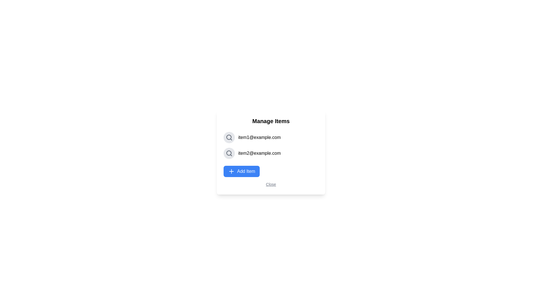  I want to click on search icon next to the first item, so click(229, 137).